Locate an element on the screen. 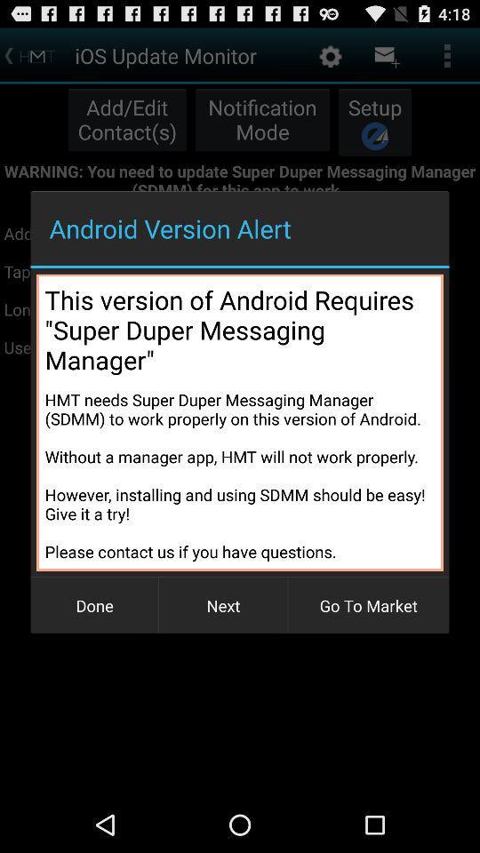 The image size is (480, 853). the item at the bottom is located at coordinates (223, 605).